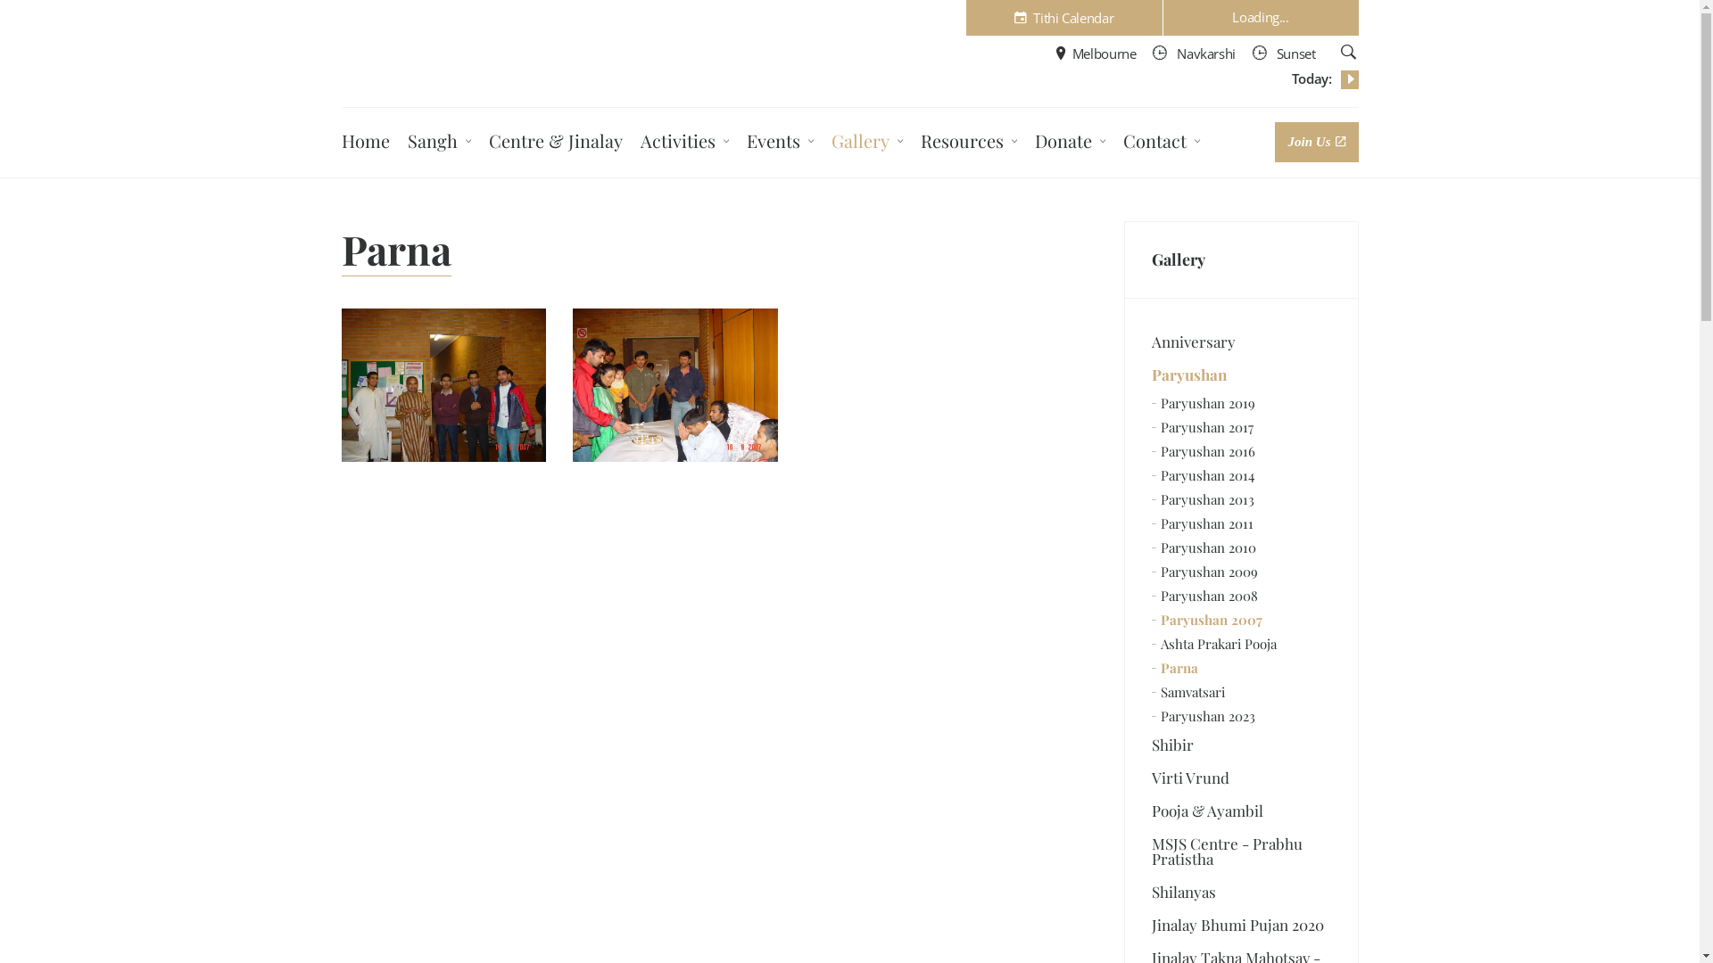 The image size is (1713, 963). Describe the element at coordinates (1240, 715) in the screenshot. I see `'Paryushan 2023'` at that location.